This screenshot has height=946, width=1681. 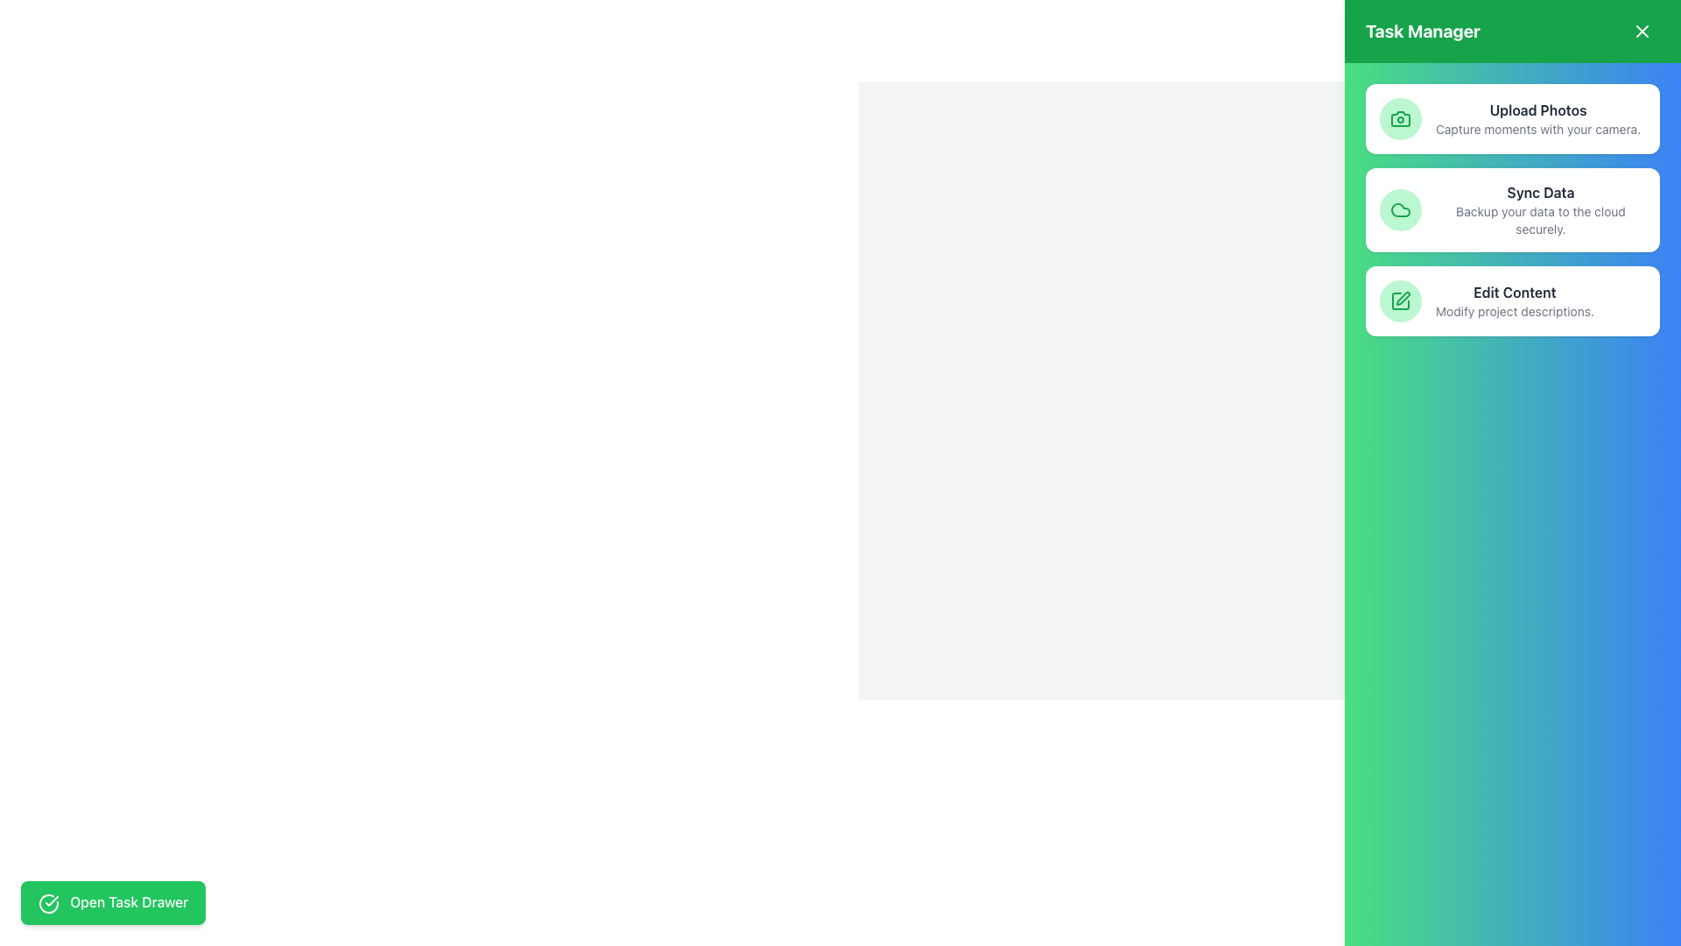 What do you see at coordinates (1541, 192) in the screenshot?
I see `the 'Sync Data' text label, which serves as a descriptive heading within the right-hand panel of the interface` at bounding box center [1541, 192].